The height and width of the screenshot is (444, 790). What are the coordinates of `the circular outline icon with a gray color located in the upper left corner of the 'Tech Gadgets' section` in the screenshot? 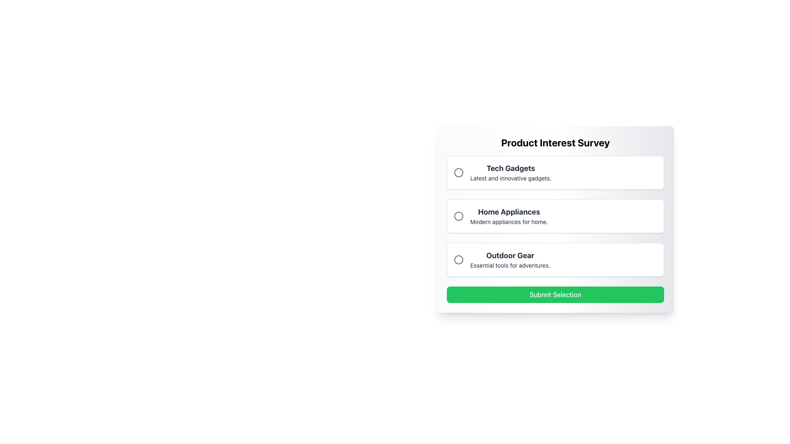 It's located at (458, 172).